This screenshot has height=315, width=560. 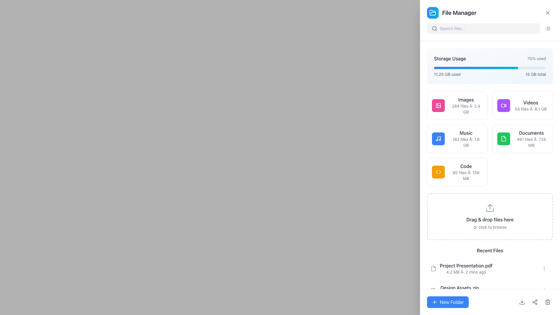 I want to click on the link provided in the instructional text located at the bottom of the file upload section, which is positioned centrally under the 'Drag & drop files here' text, so click(x=490, y=227).